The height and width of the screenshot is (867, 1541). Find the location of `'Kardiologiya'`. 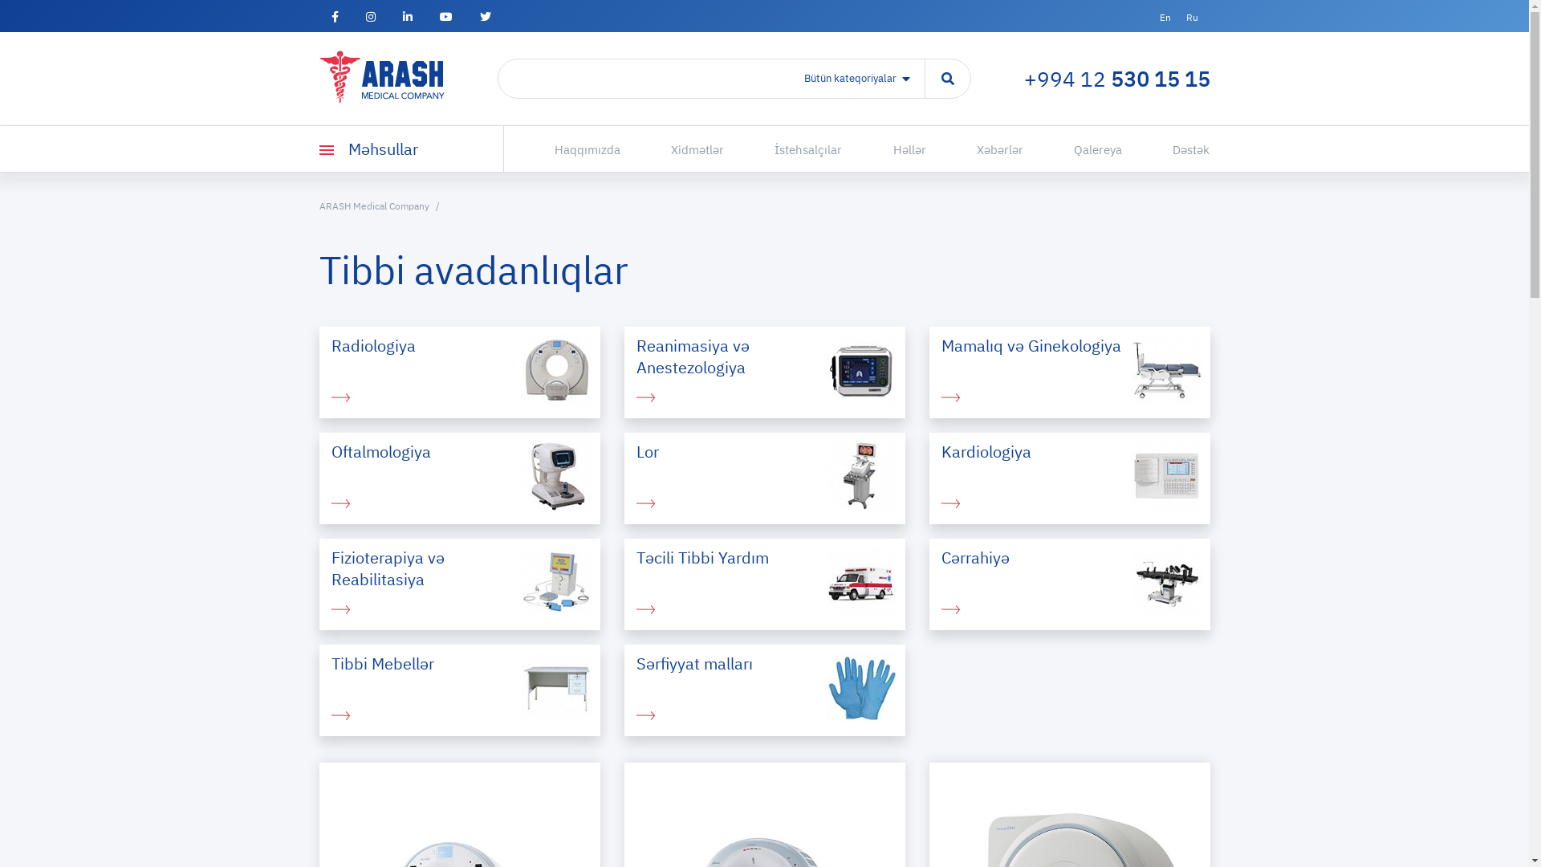

'Kardiologiya' is located at coordinates (1070, 478).